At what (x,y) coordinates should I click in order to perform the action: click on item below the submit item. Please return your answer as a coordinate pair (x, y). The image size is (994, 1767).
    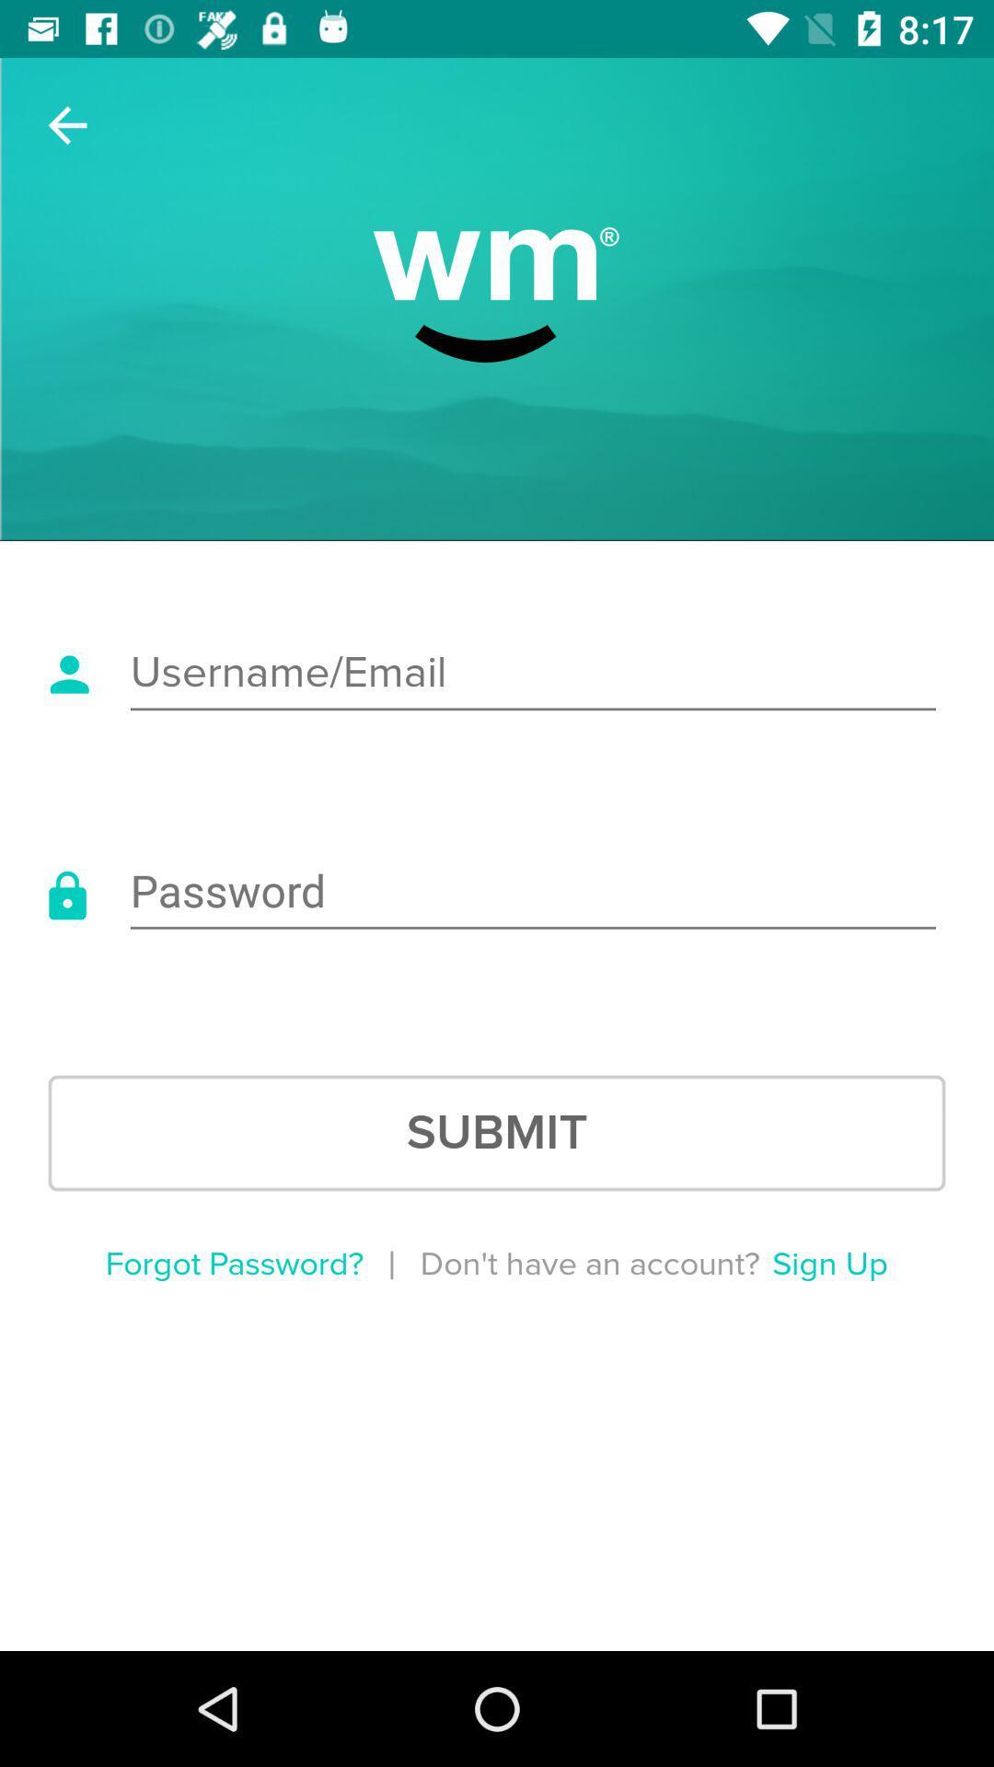
    Looking at the image, I should click on (829, 1264).